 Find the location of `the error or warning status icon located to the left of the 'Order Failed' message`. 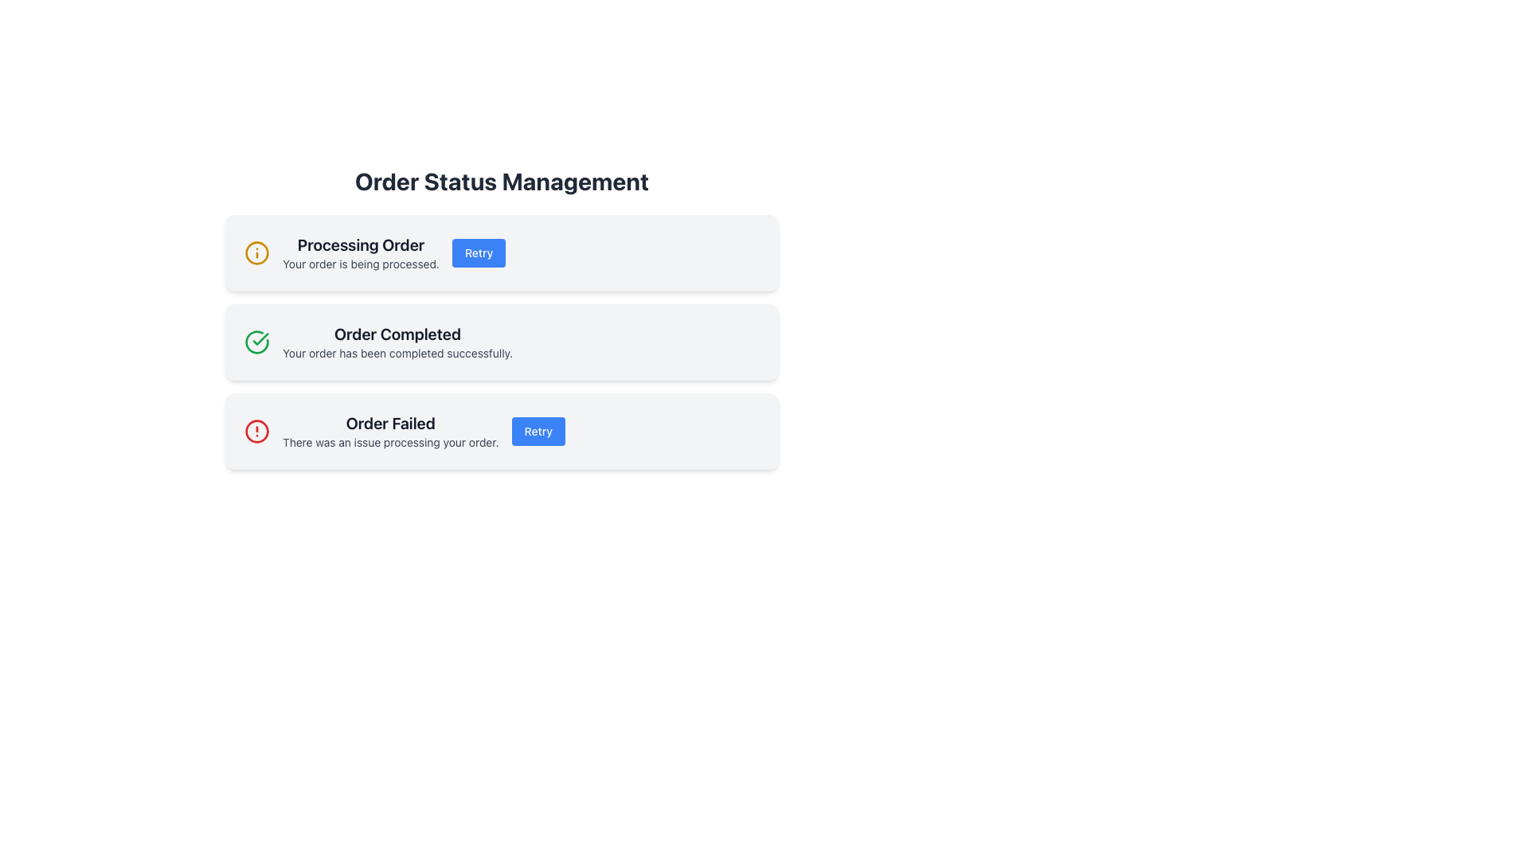

the error or warning status icon located to the left of the 'Order Failed' message is located at coordinates (256, 432).